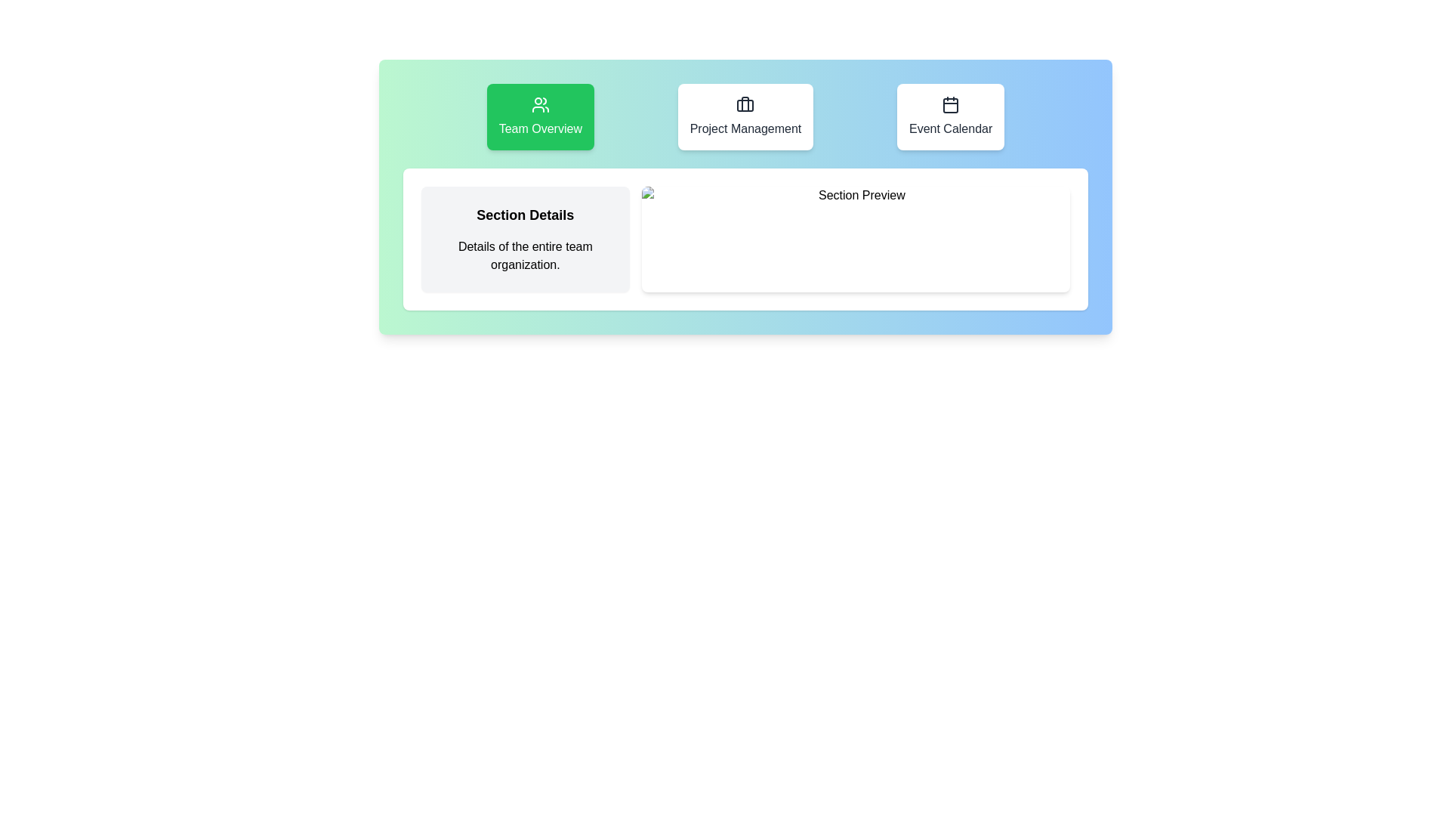 The image size is (1450, 816). I want to click on the 'Team Overview' button which contains the icon of two user silhouettes at the top-center area, so click(540, 104).